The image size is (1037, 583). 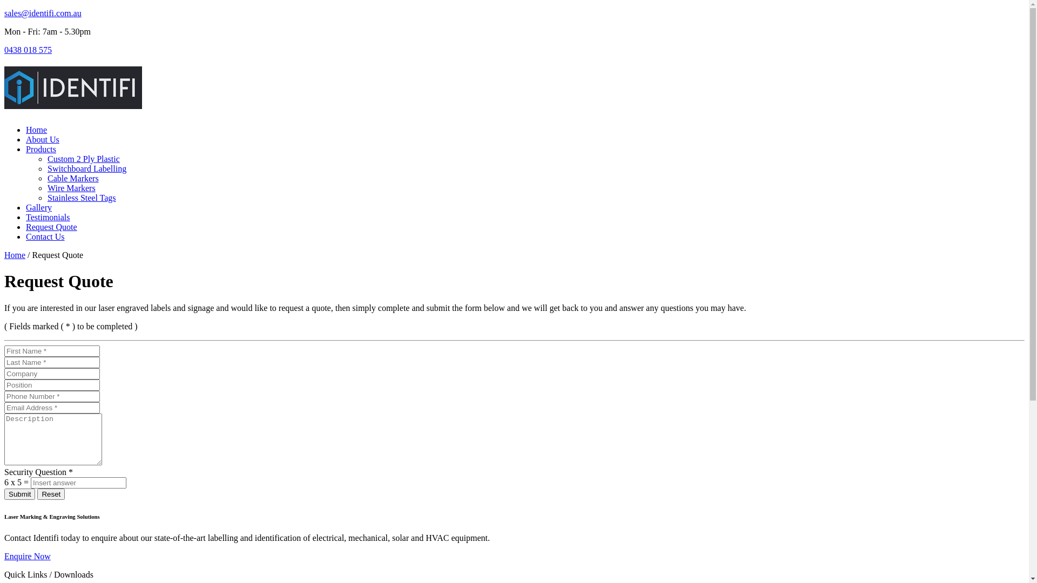 I want to click on 'Reset', so click(x=50, y=494).